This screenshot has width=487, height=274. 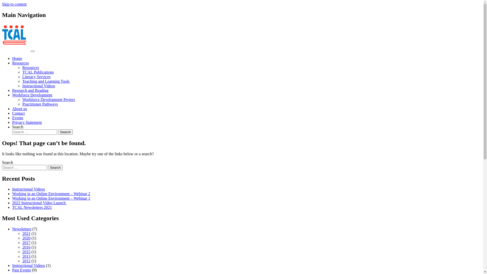 I want to click on 'Resources', so click(x=30, y=67).